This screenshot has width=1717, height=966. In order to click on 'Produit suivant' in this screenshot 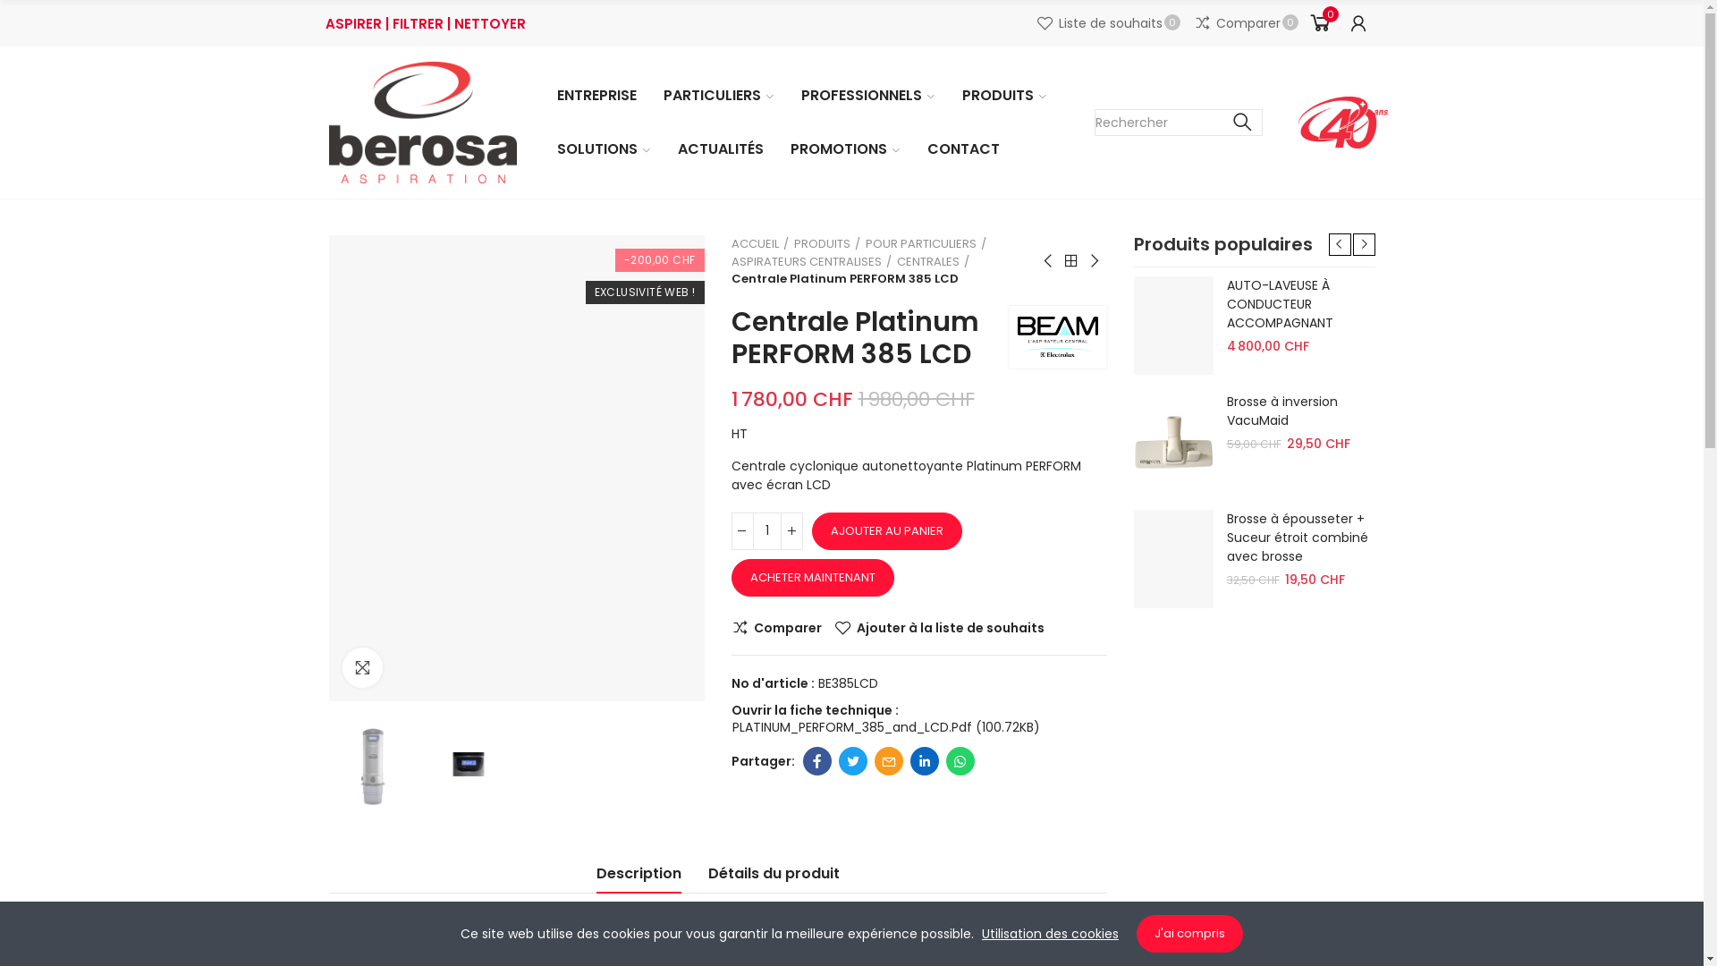, I will do `click(1093, 261)`.